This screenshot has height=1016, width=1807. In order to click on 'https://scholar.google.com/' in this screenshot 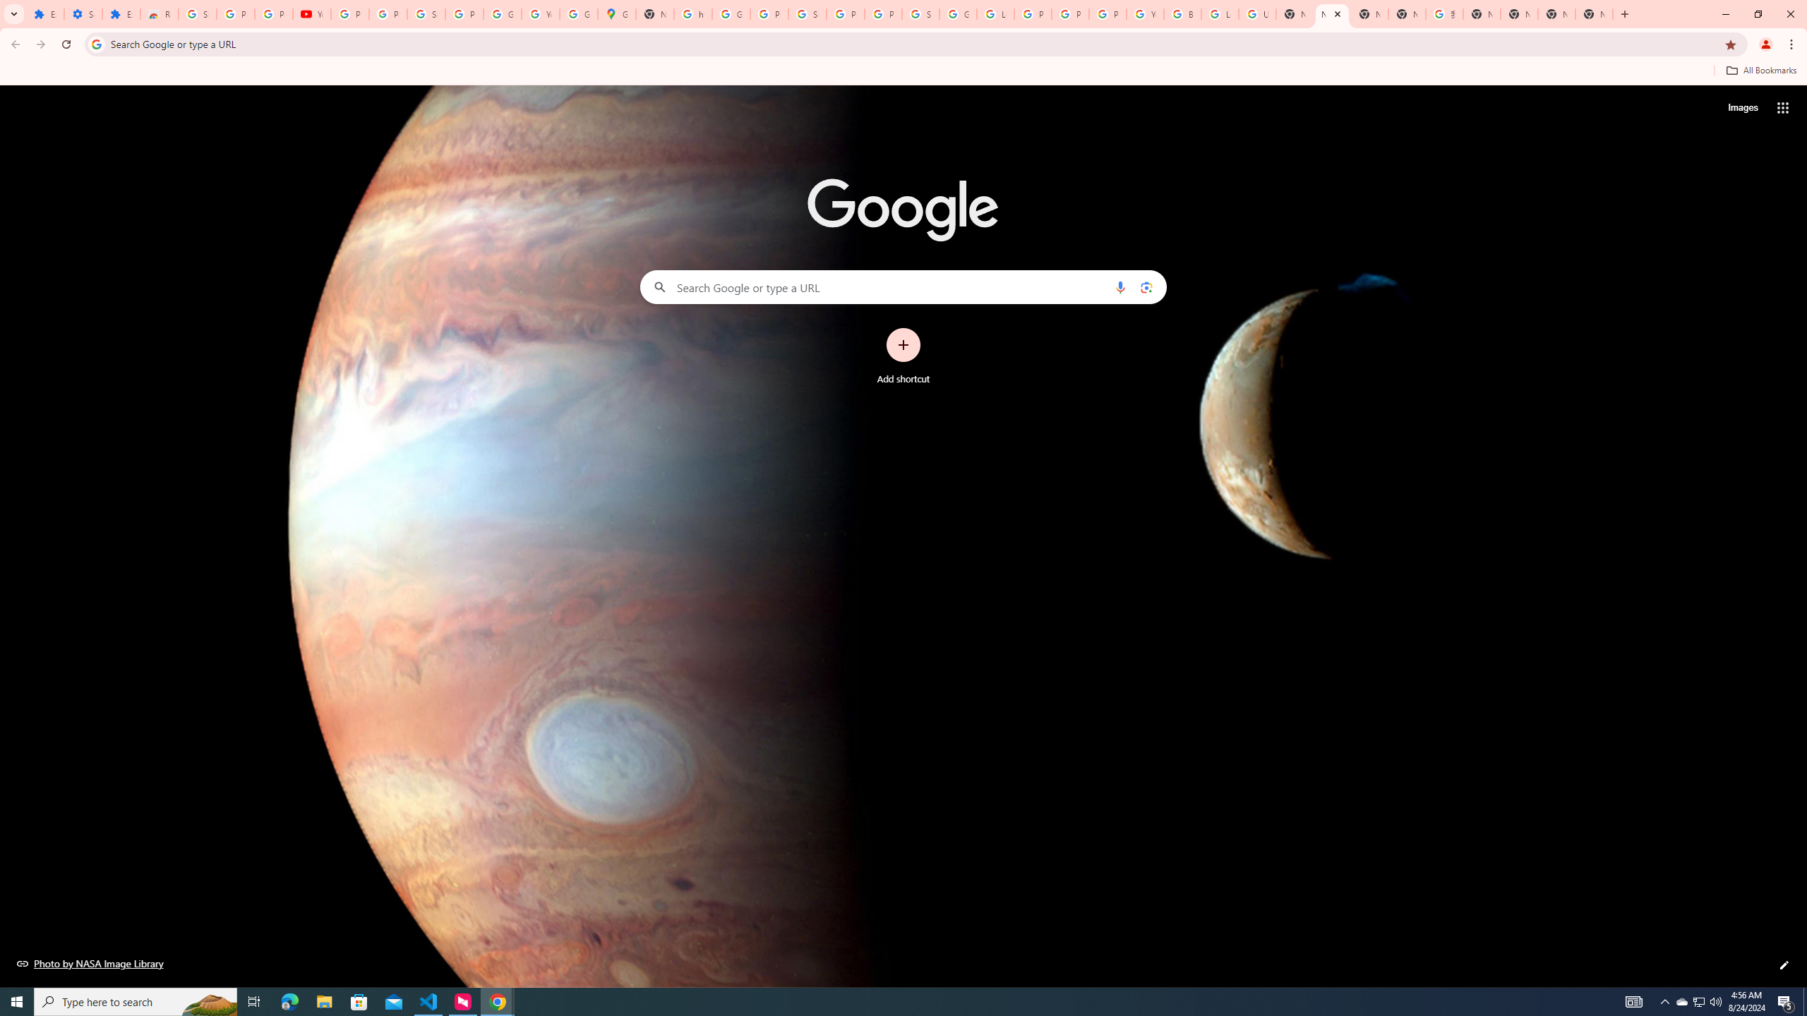, I will do `click(693, 13)`.